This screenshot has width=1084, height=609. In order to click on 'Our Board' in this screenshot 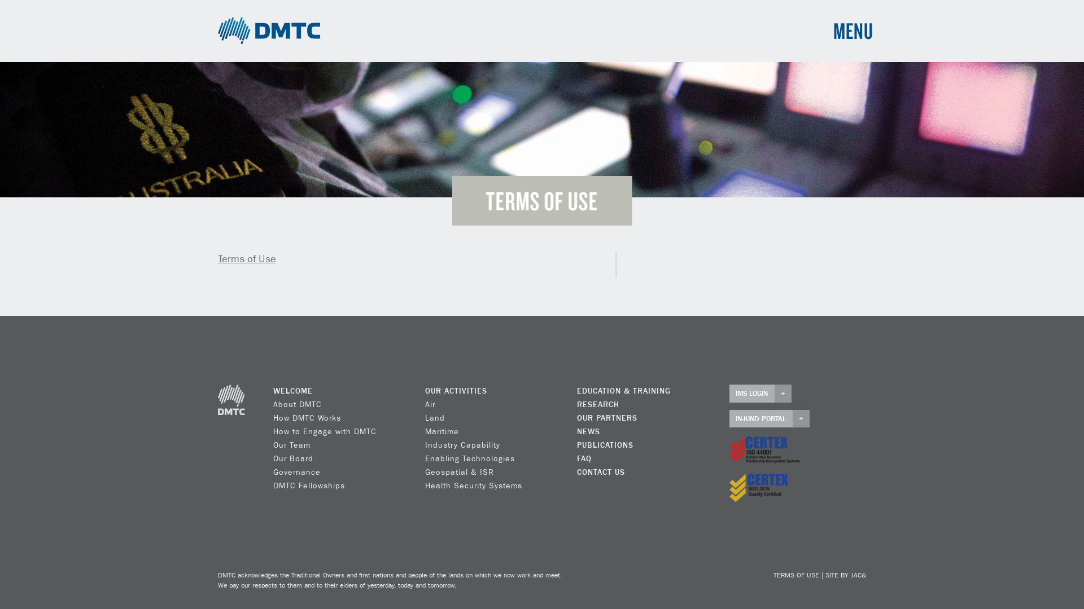, I will do `click(293, 458)`.